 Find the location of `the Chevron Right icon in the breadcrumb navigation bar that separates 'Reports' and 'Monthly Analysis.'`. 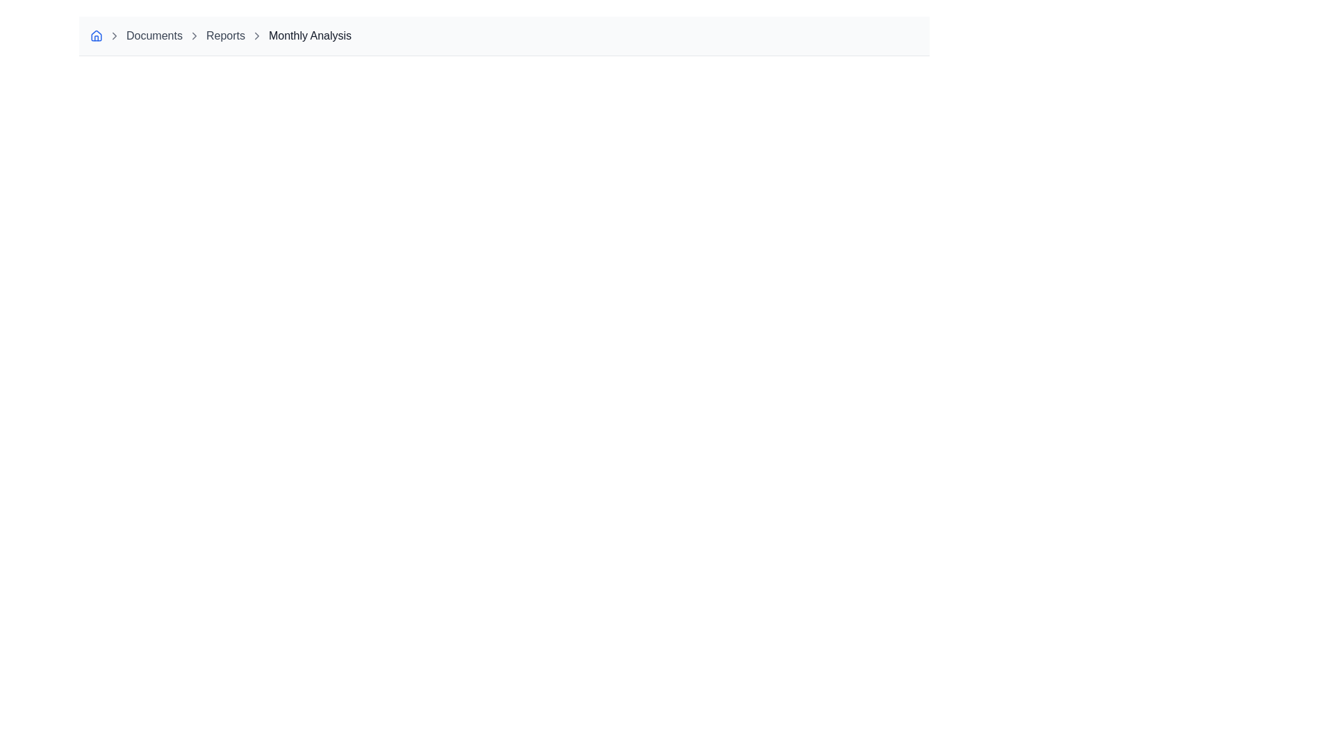

the Chevron Right icon in the breadcrumb navigation bar that separates 'Reports' and 'Monthly Analysis.' is located at coordinates (193, 35).